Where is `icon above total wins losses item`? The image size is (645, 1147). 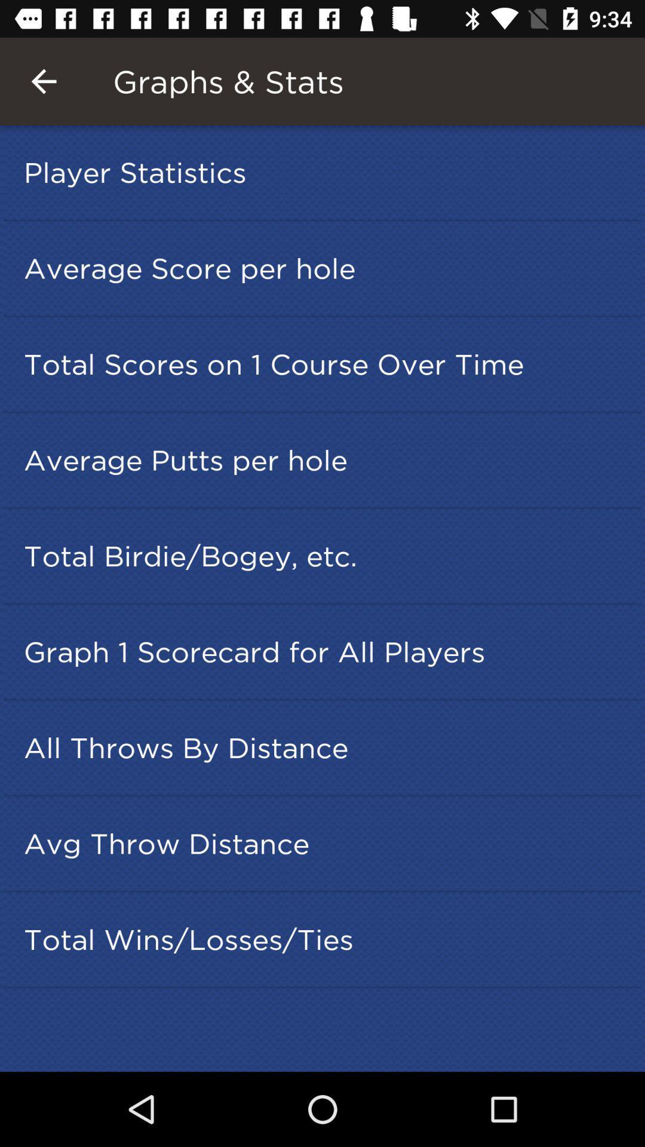
icon above total wins losses item is located at coordinates (326, 843).